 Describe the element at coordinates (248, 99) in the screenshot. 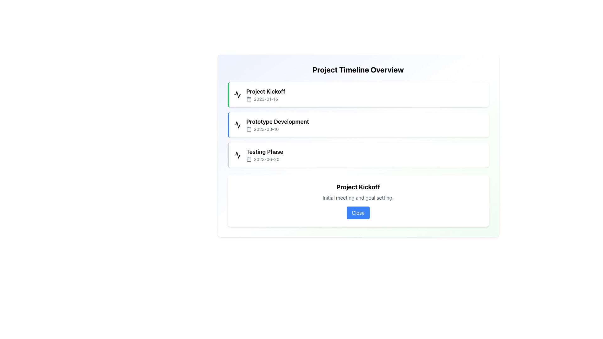

I see `details about the styling or position of the rounded rectangle icon within the calendar icon, located to the left of the '2023-01-15' text in the 'Project Kickoff' entry of the timeline` at that location.